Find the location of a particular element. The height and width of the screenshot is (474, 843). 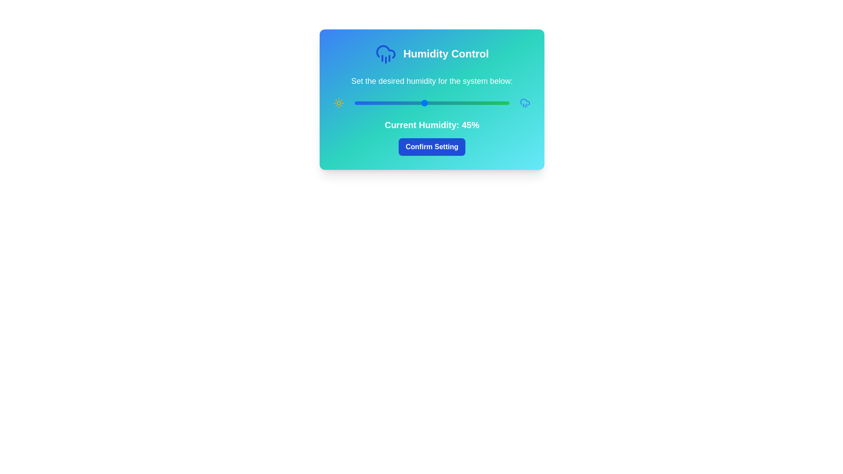

the humidity slider to 10% is located at coordinates (370, 103).